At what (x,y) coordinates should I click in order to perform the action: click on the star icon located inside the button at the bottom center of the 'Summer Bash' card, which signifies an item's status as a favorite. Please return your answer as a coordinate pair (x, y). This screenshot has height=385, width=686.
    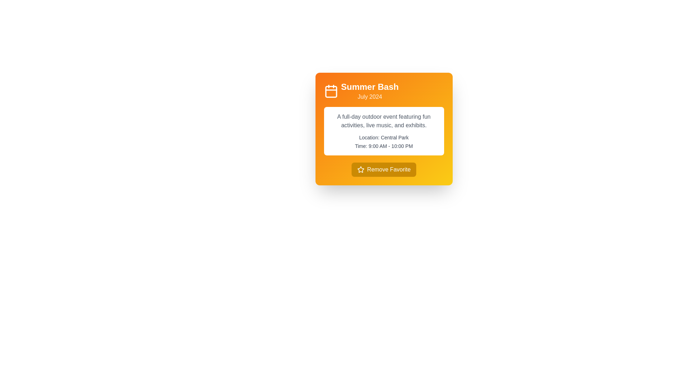
    Looking at the image, I should click on (361, 169).